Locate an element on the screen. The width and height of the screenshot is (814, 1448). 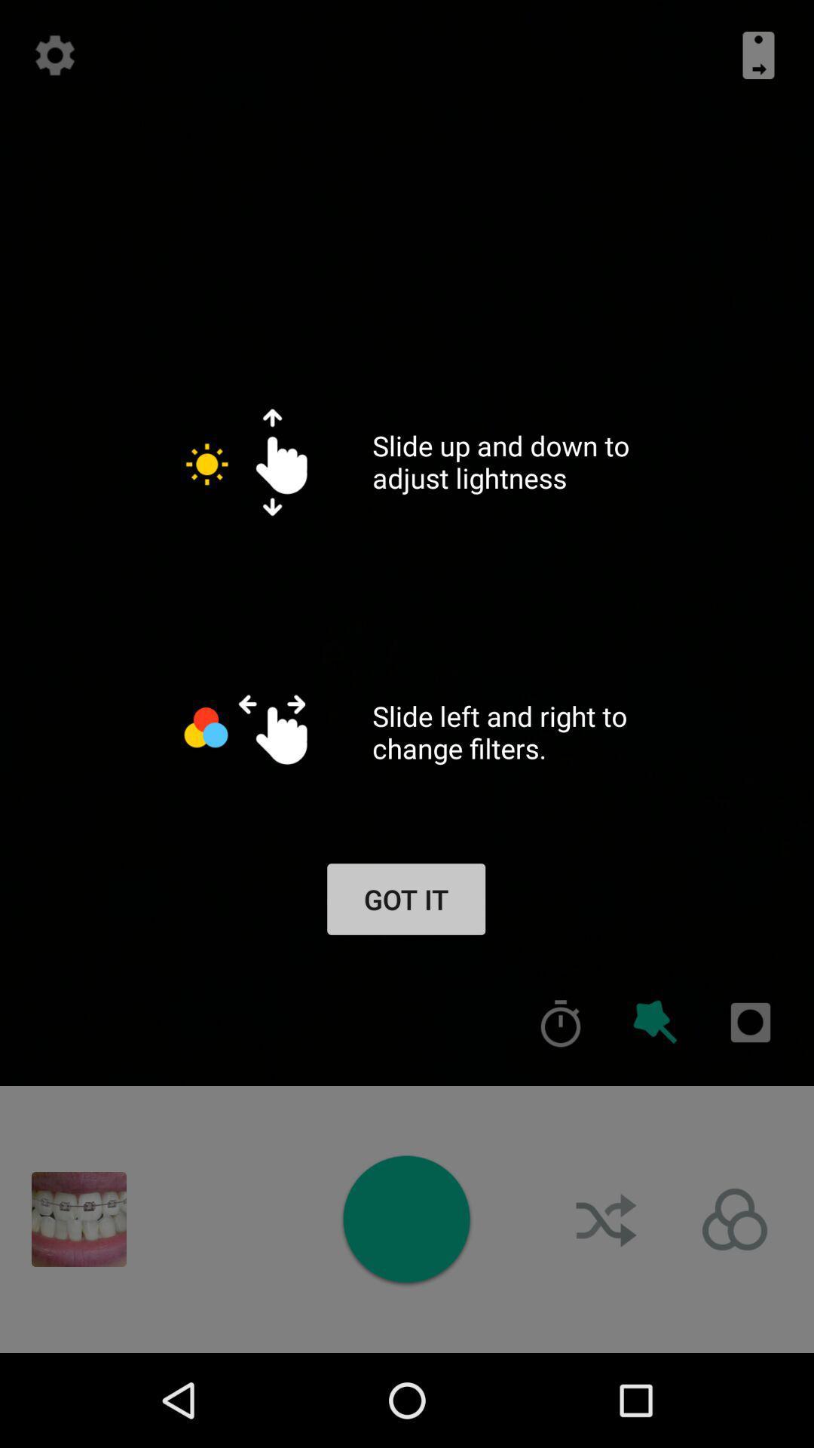
choose filter is located at coordinates (734, 1219).